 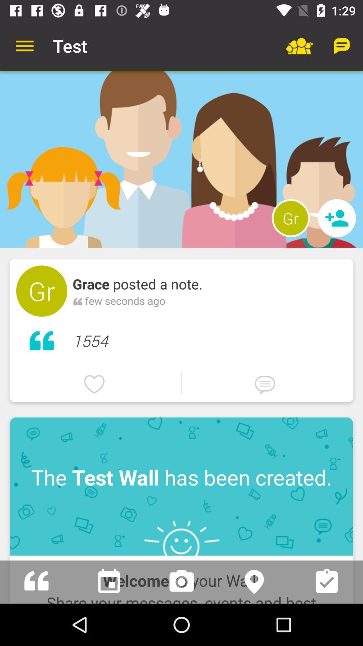 What do you see at coordinates (254, 581) in the screenshot?
I see `location information` at bounding box center [254, 581].